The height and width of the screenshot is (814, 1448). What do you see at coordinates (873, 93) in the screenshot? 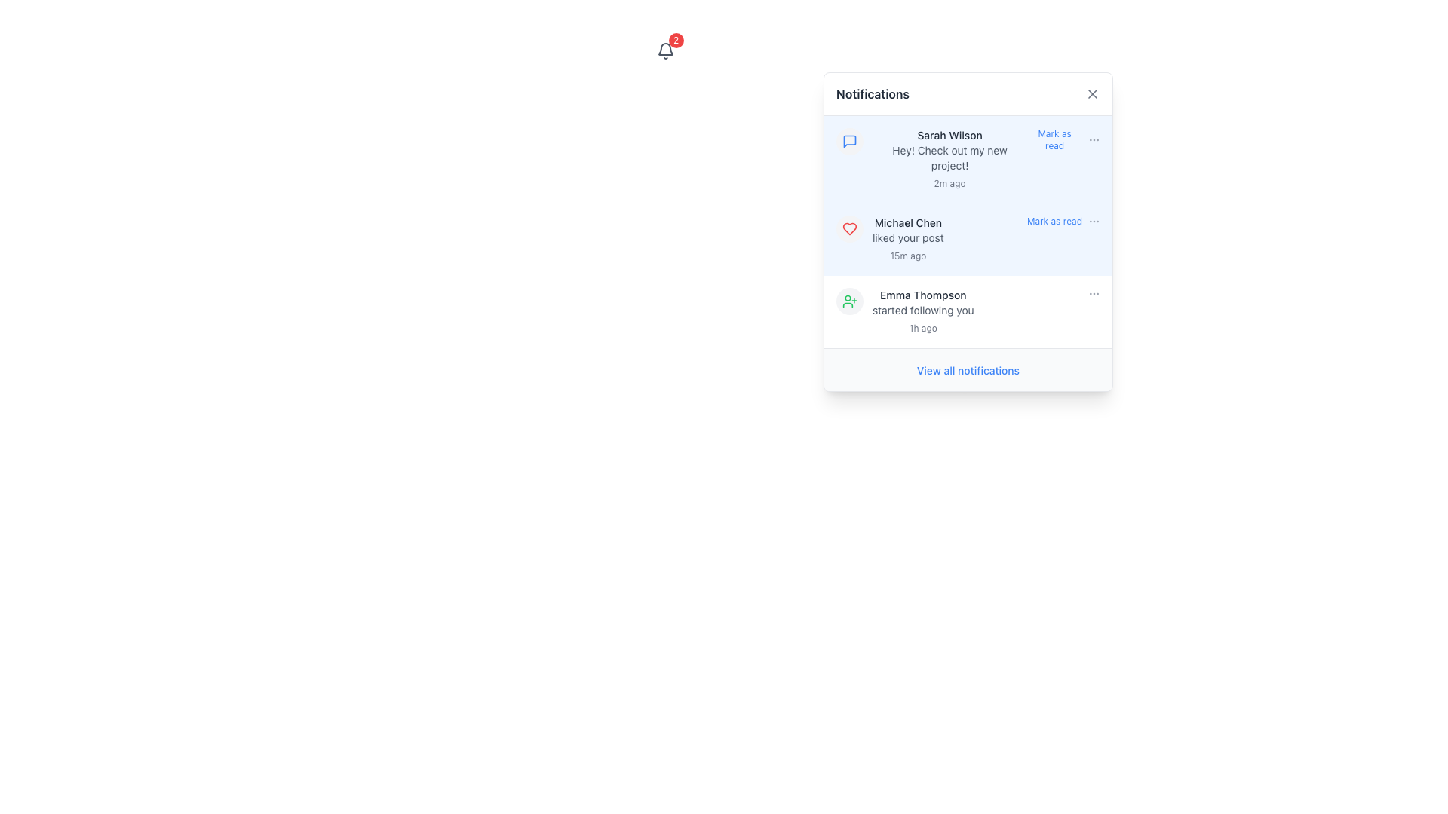
I see `text header located at the top-left section of the notification menu, which provides context for the following content` at bounding box center [873, 93].